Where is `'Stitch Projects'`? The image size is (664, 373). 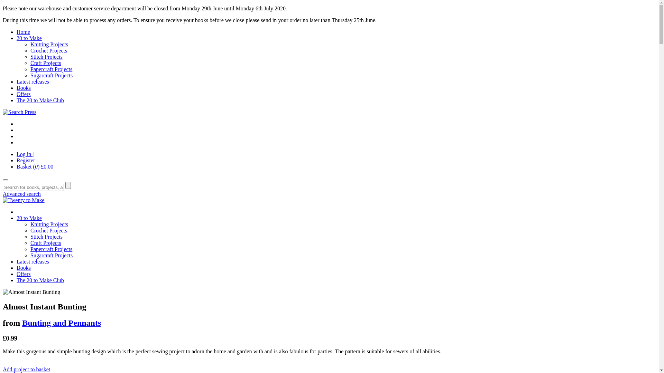
'Stitch Projects' is located at coordinates (46, 236).